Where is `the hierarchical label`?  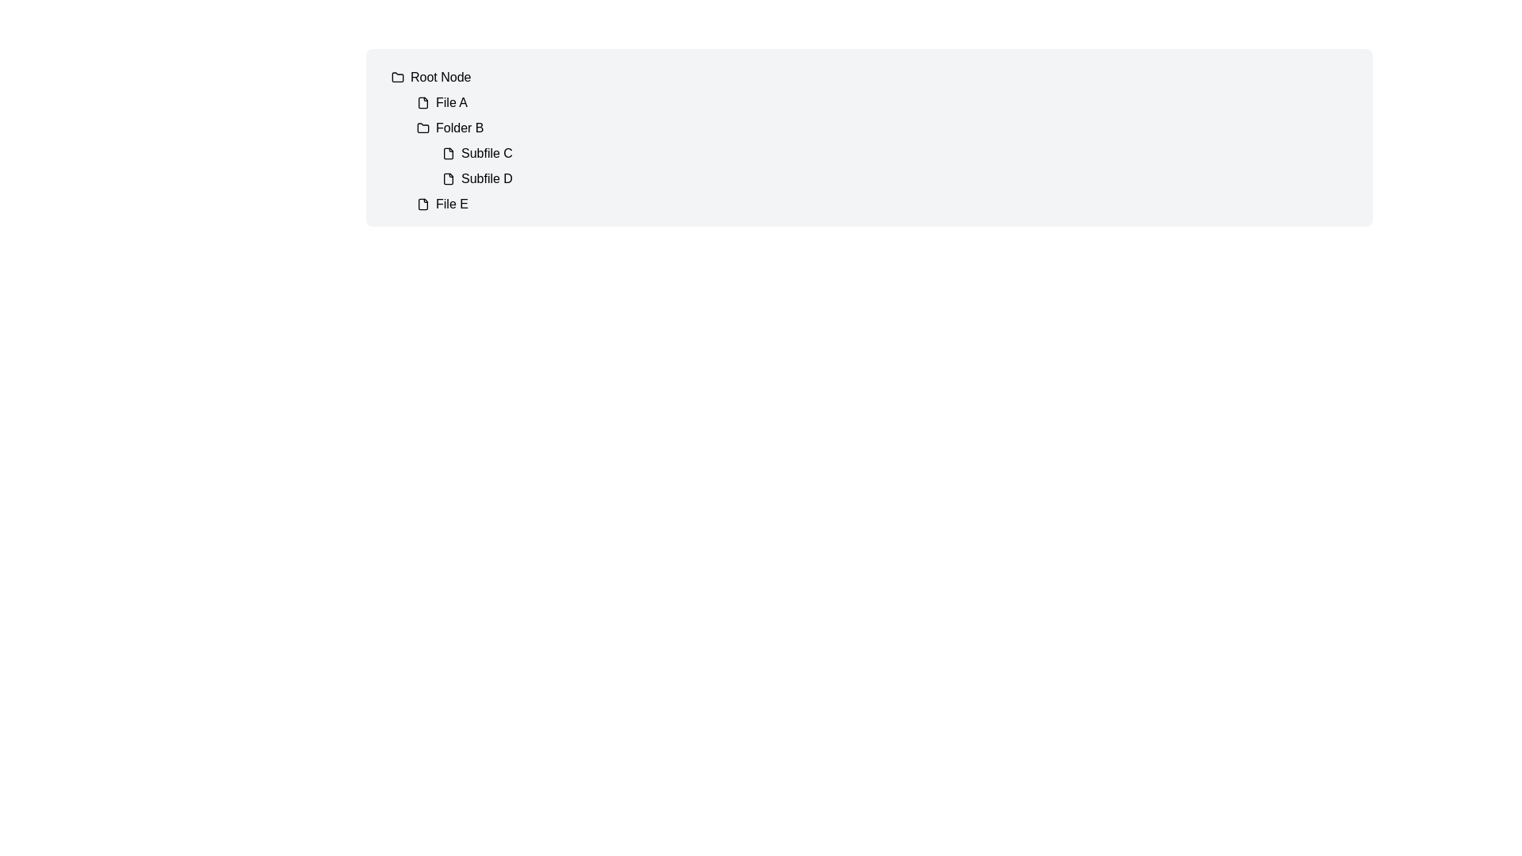
the hierarchical label is located at coordinates (441, 77).